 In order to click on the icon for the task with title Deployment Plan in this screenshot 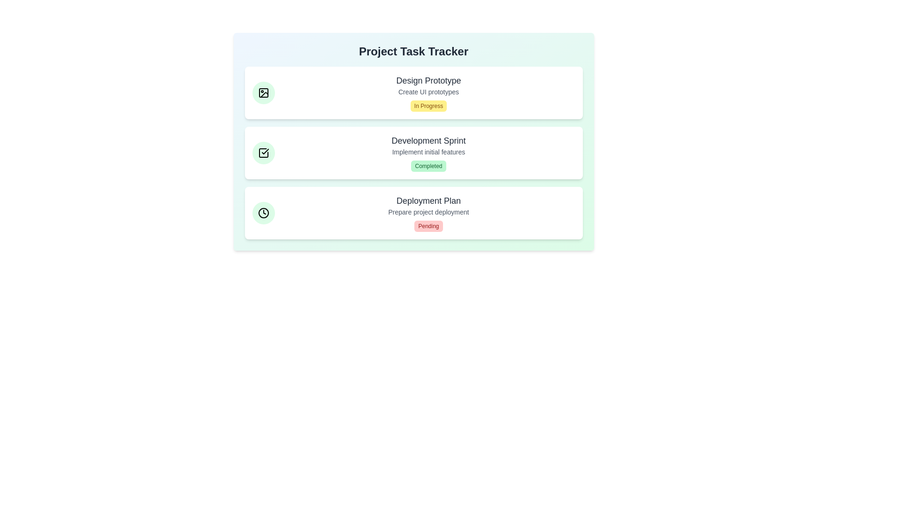, I will do `click(263, 213)`.